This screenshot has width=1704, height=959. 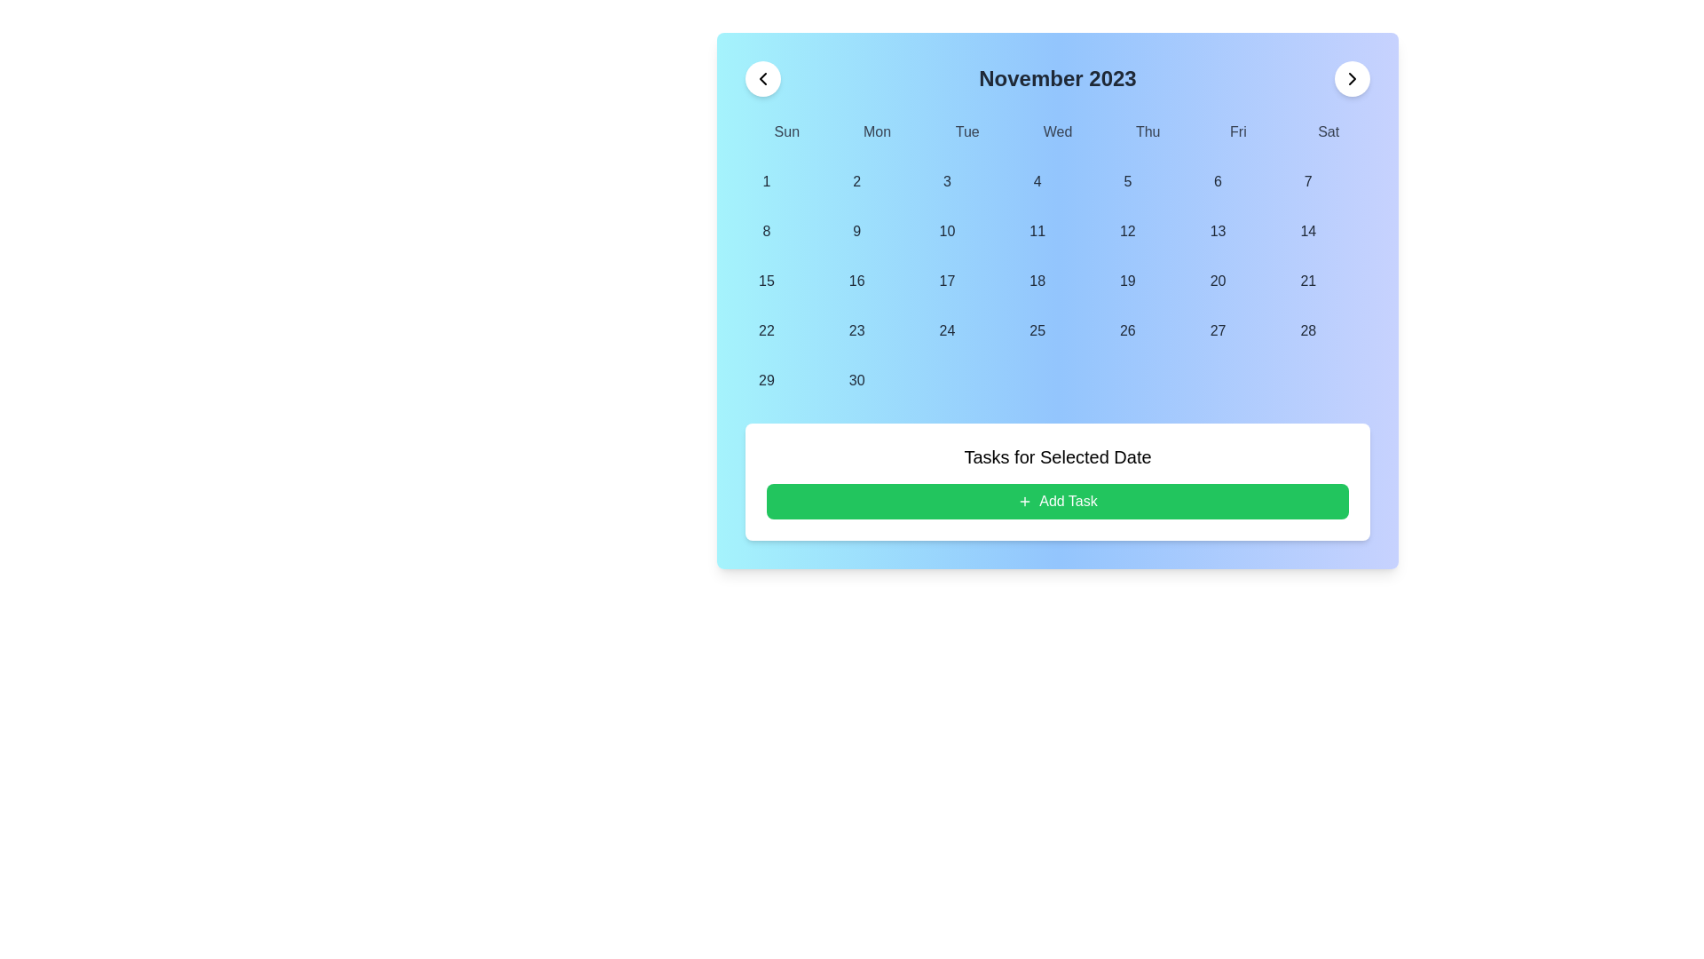 I want to click on the small circular button displaying the number '9' in the calendar view, so click(x=856, y=231).